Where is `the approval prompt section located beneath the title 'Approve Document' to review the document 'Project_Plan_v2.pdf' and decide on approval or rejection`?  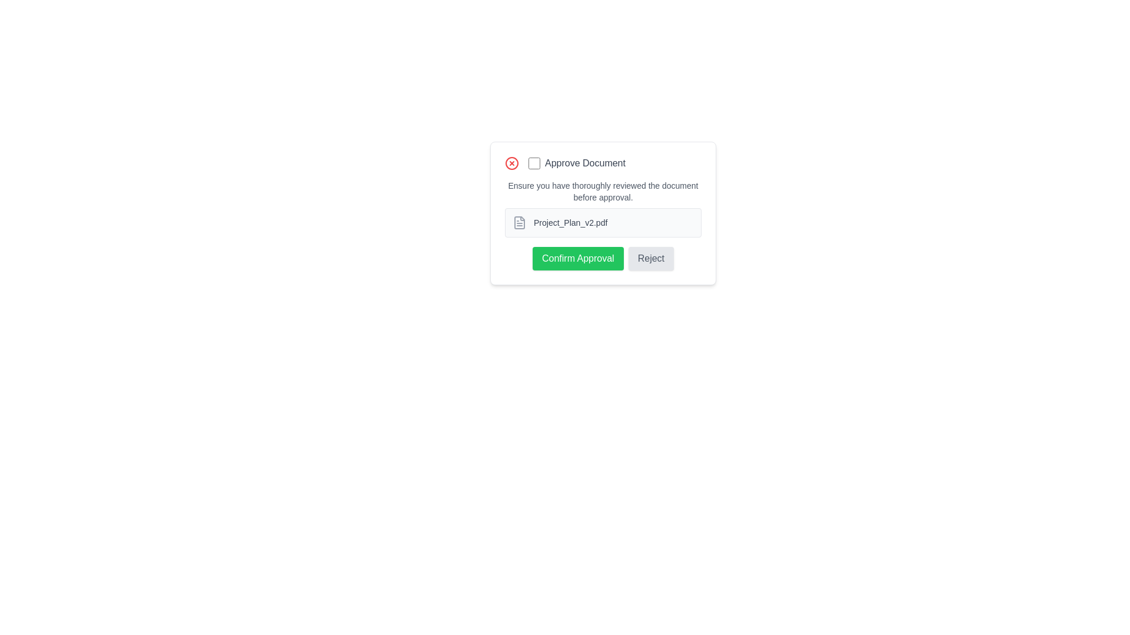
the approval prompt section located beneath the title 'Approve Document' to review the document 'Project_Plan_v2.pdf' and decide on approval or rejection is located at coordinates (603, 213).